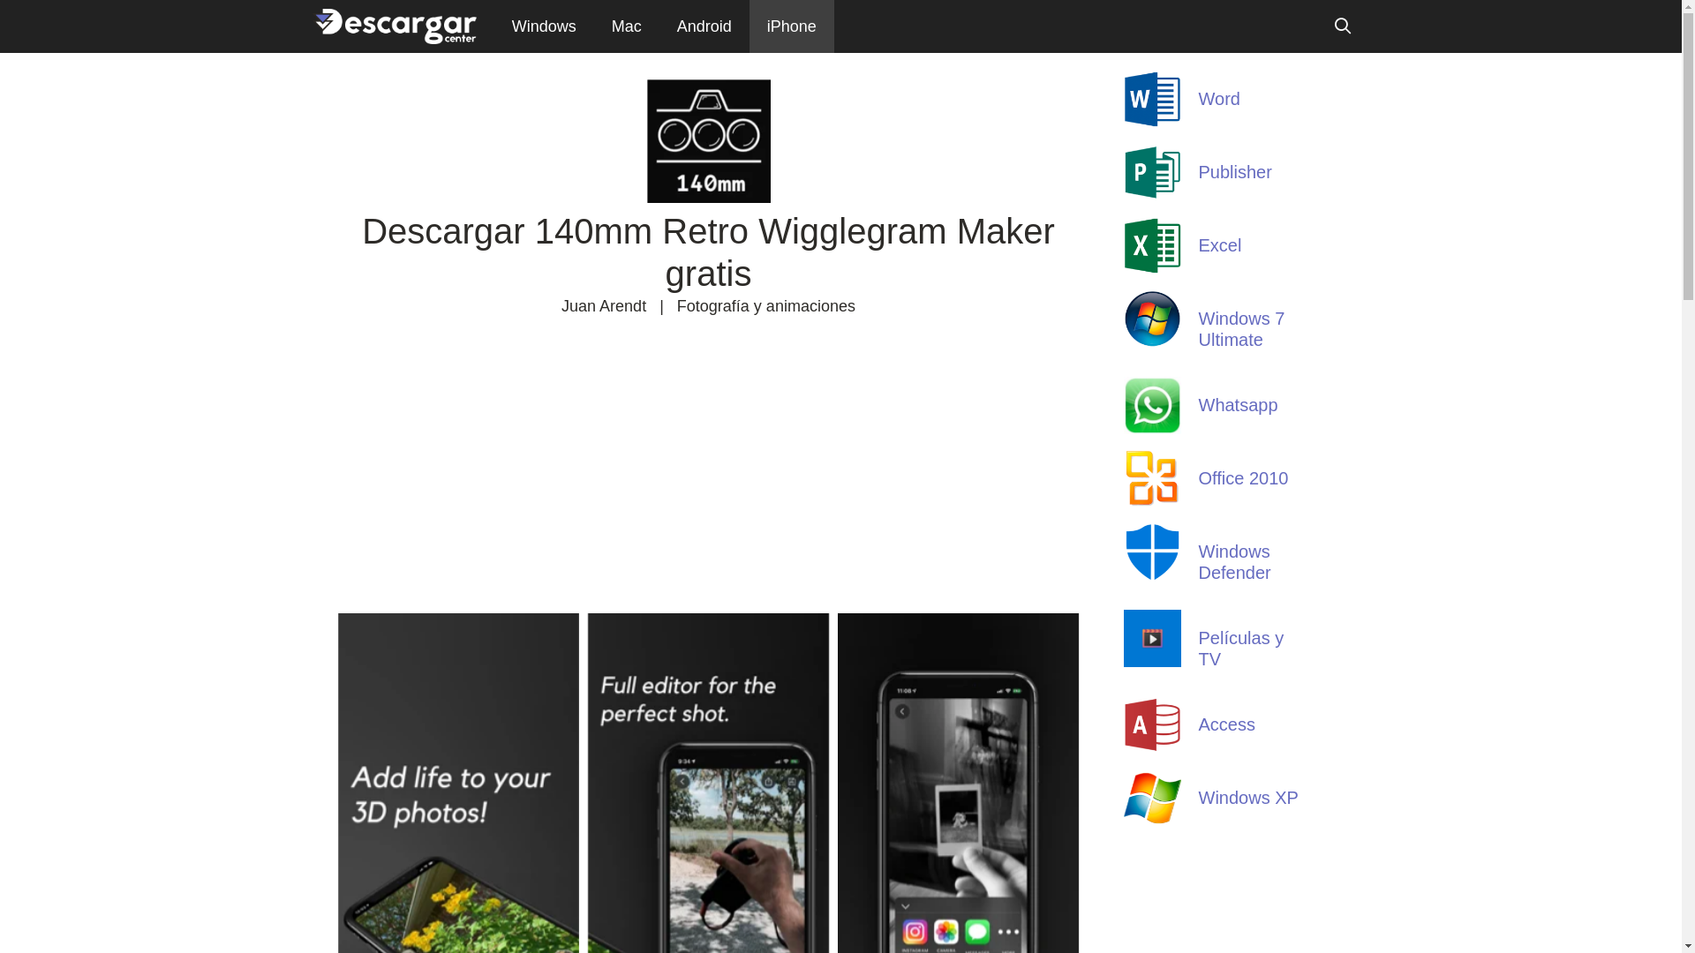 Image resolution: width=1695 pixels, height=953 pixels. I want to click on 'Access', so click(1151, 748).